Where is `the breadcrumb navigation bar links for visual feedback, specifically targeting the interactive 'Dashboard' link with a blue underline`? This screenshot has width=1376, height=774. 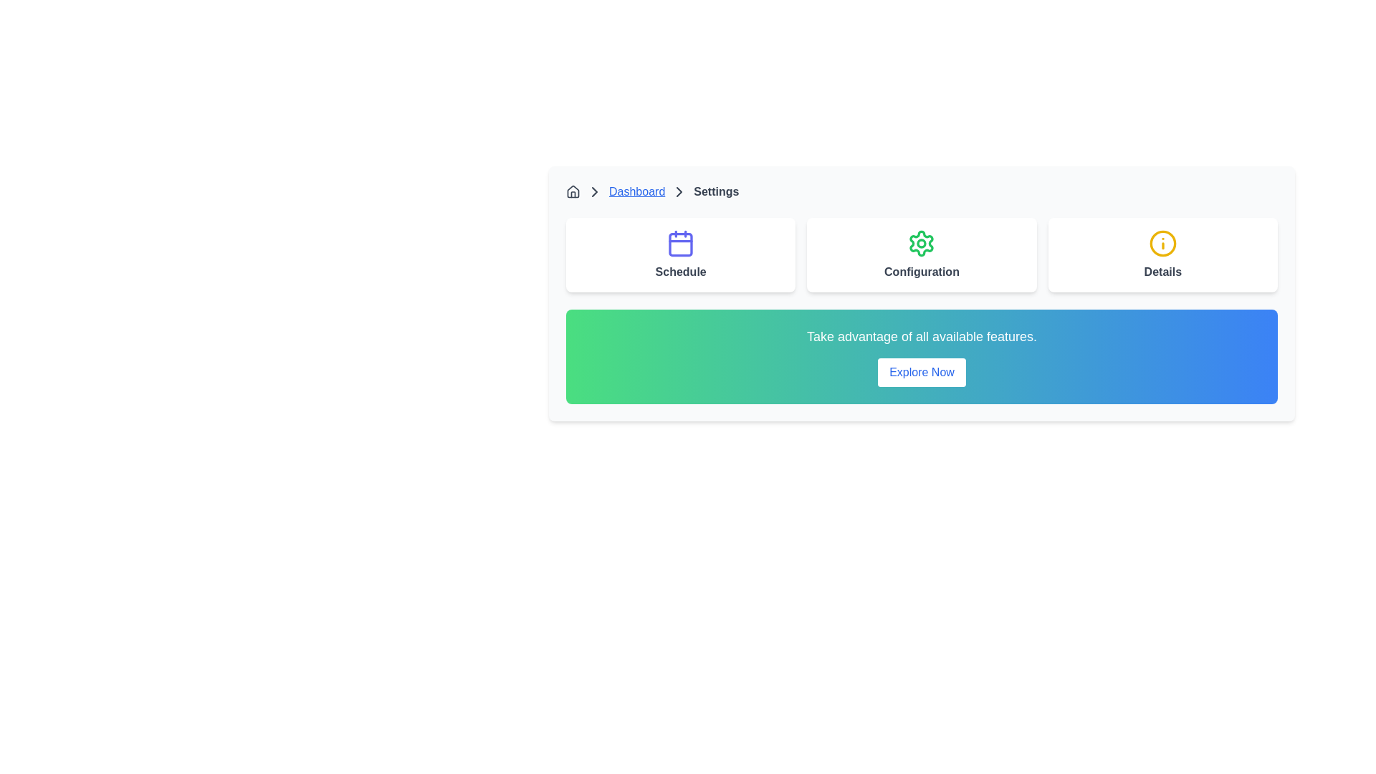
the breadcrumb navigation bar links for visual feedback, specifically targeting the interactive 'Dashboard' link with a blue underline is located at coordinates (922, 191).